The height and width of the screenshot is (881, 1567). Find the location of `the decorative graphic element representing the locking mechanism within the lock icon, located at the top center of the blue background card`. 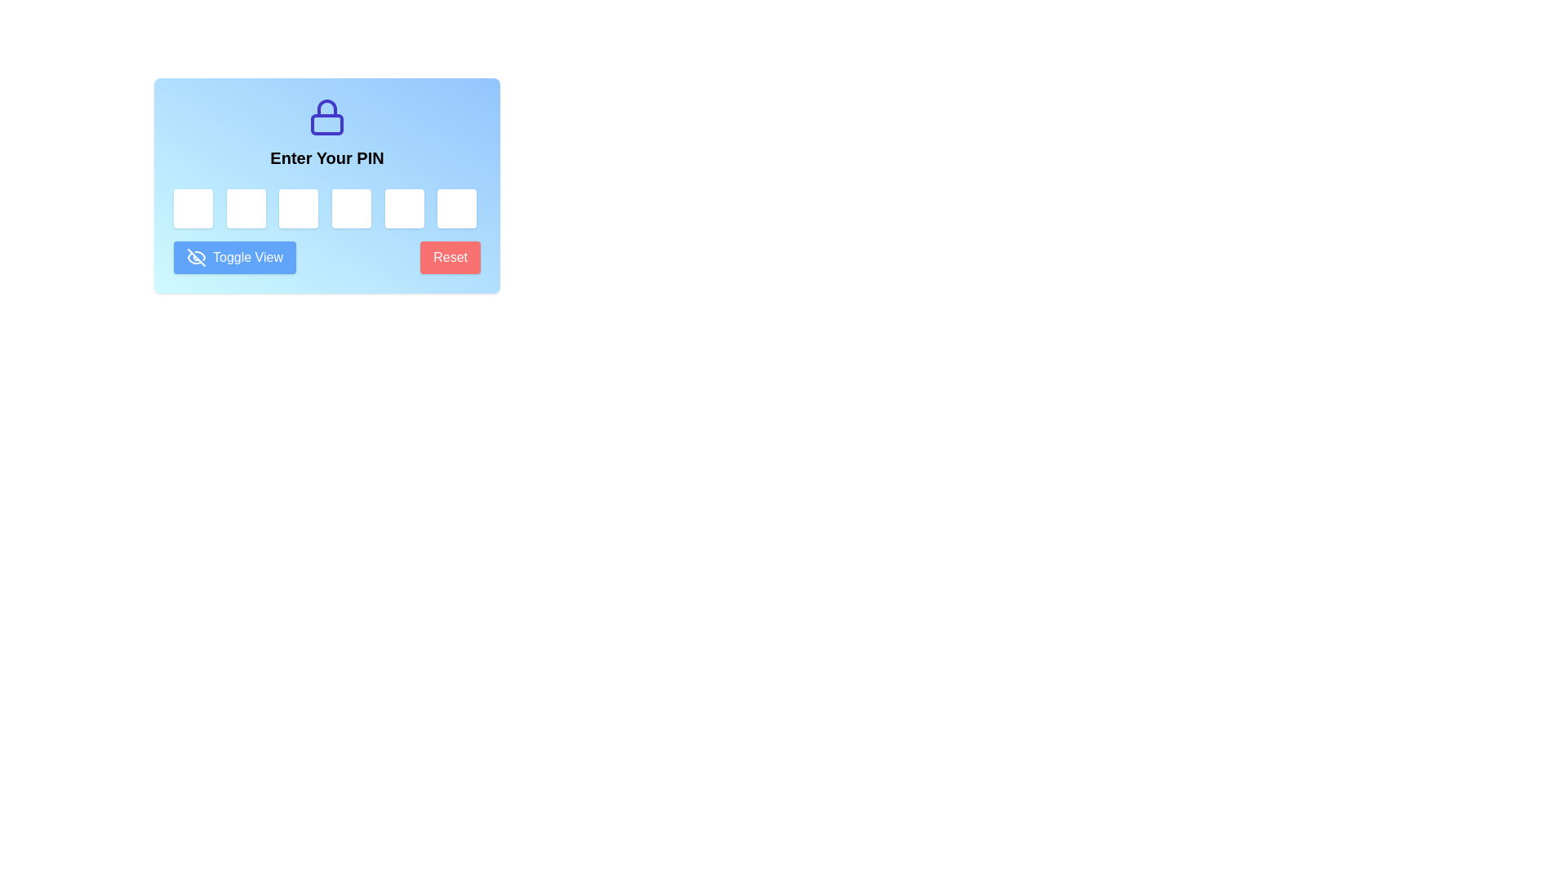

the decorative graphic element representing the locking mechanism within the lock icon, located at the top center of the blue background card is located at coordinates (326, 124).